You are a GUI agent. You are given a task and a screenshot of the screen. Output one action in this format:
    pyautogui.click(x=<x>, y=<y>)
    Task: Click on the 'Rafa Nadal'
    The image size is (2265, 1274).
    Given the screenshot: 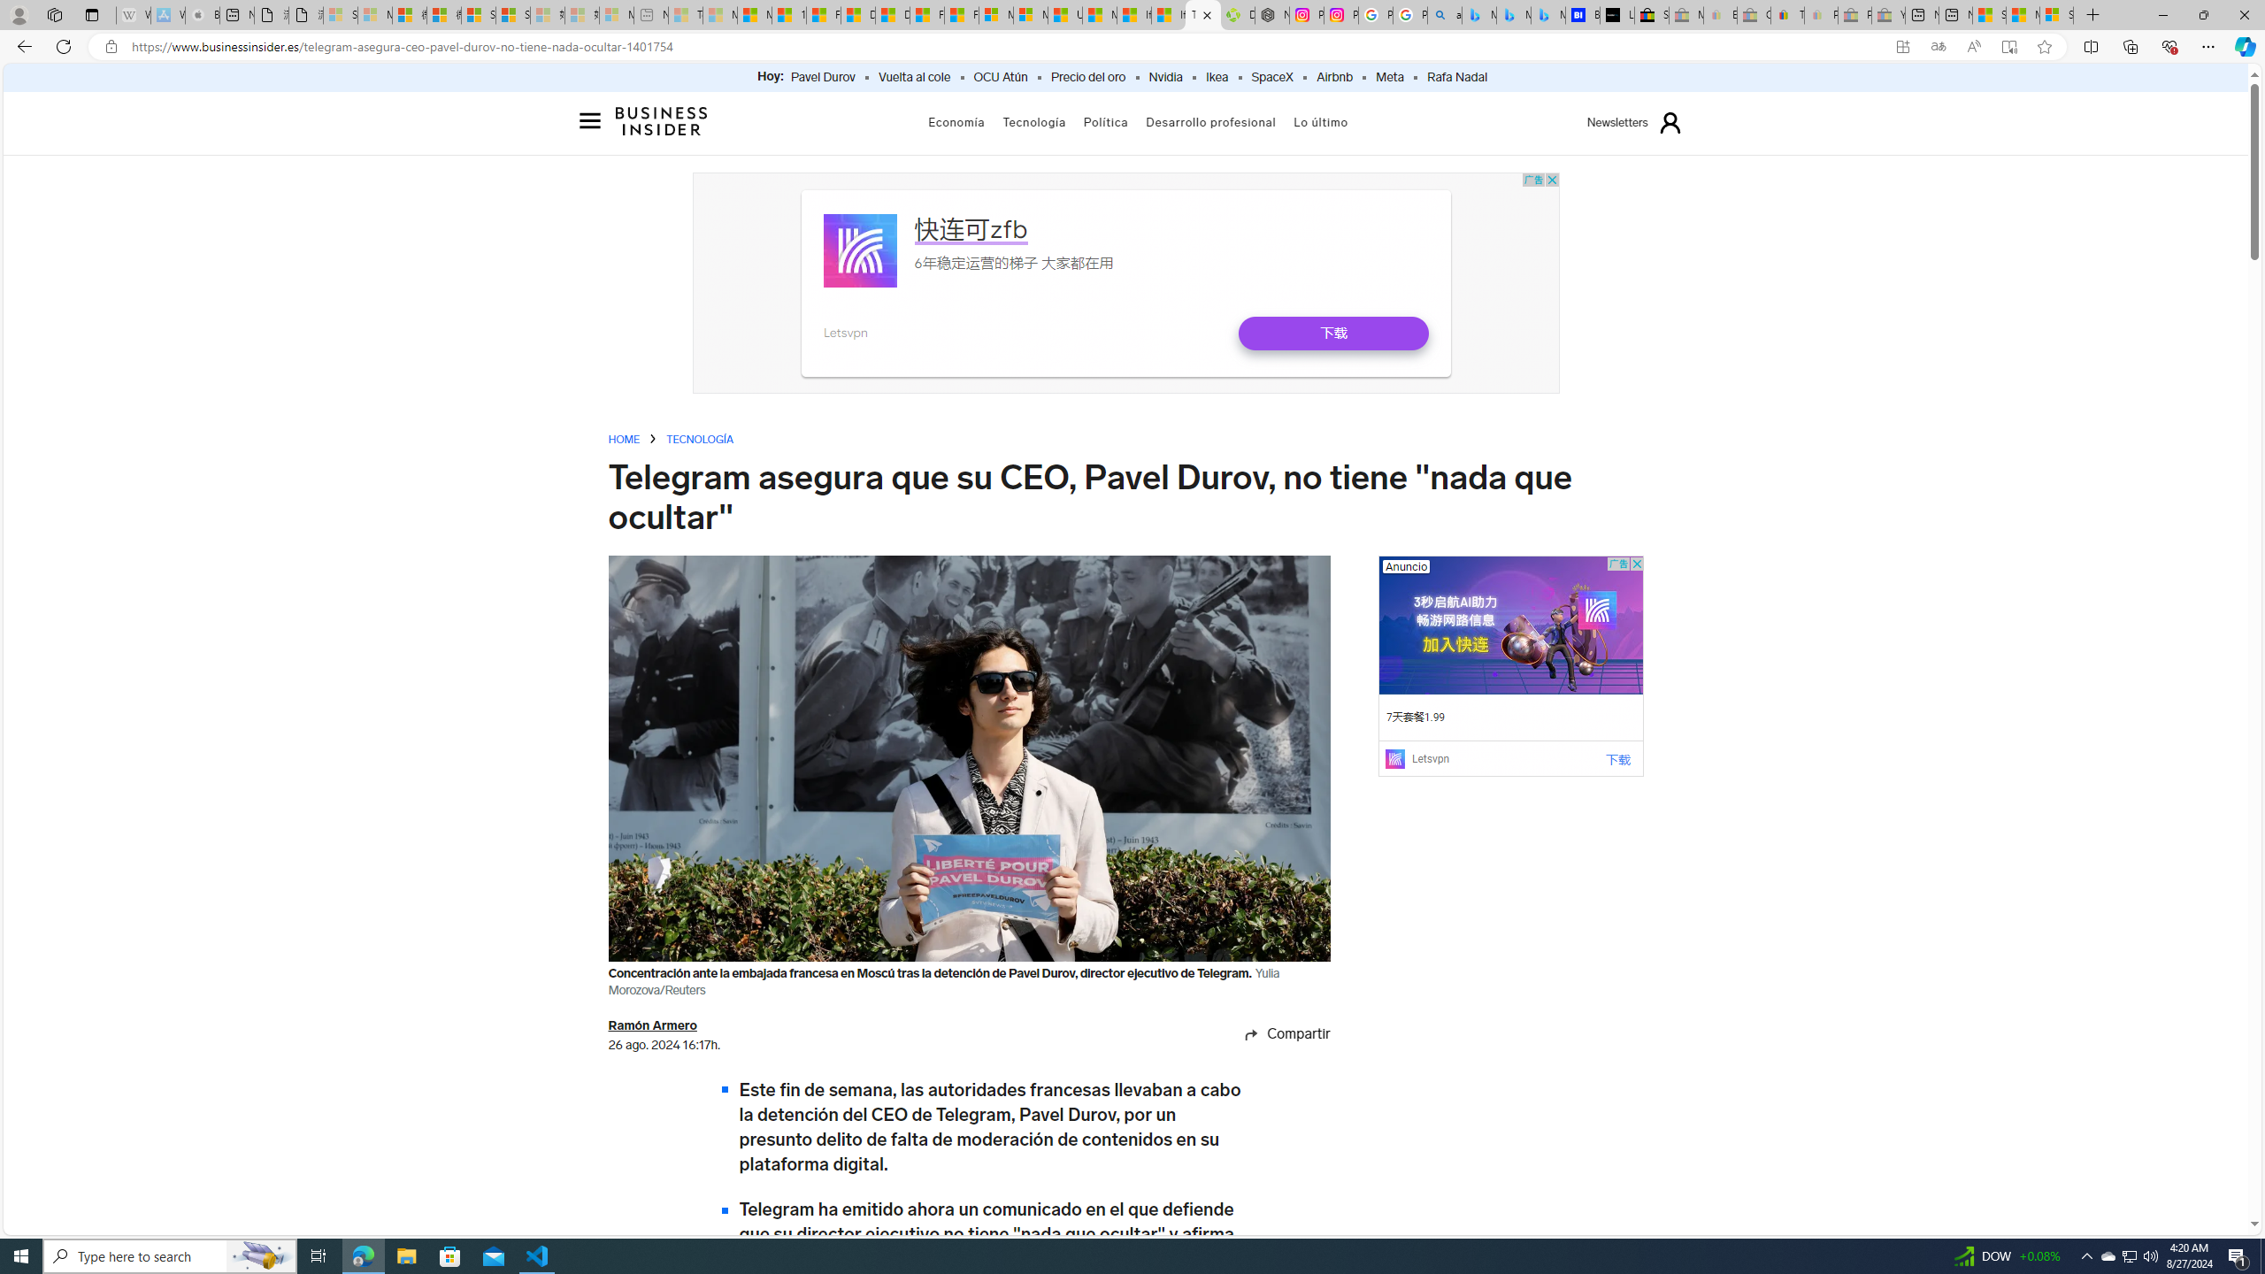 What is the action you would take?
    pyautogui.click(x=1456, y=77)
    